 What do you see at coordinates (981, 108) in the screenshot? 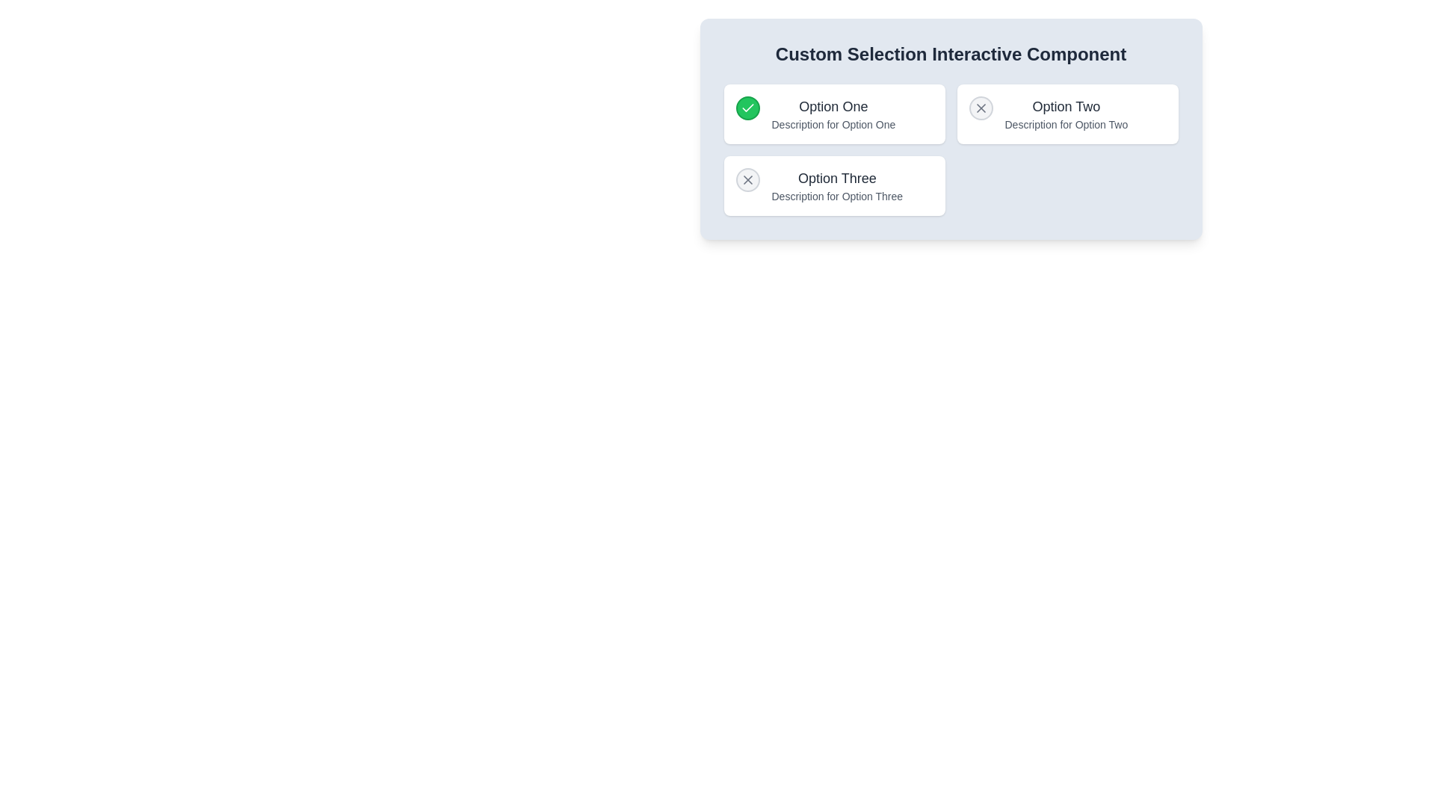
I see `the dismiss button located at the top-right corner of the 'Option Two' box` at bounding box center [981, 108].